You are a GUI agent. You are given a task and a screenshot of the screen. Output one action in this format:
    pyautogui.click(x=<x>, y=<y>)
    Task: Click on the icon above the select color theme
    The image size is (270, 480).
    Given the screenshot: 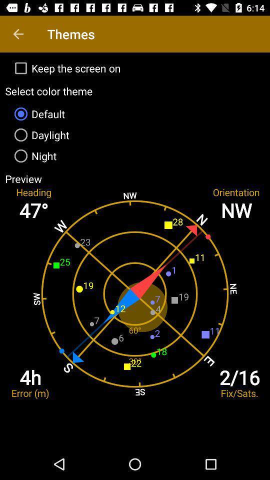 What is the action you would take?
    pyautogui.click(x=135, y=67)
    